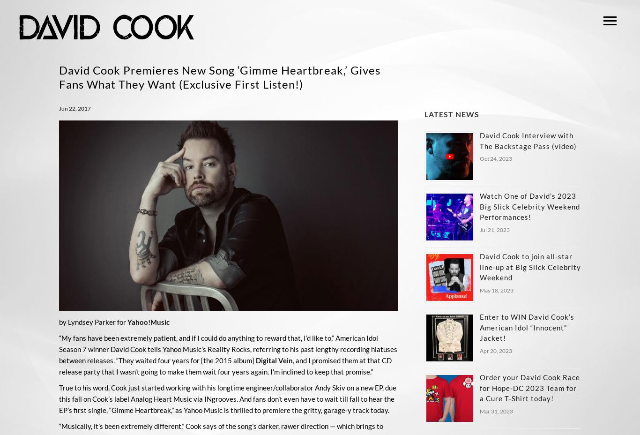  What do you see at coordinates (526, 327) in the screenshot?
I see `'Enter to WIN David Cook’s American Idol “Innocent” Jacket!'` at bounding box center [526, 327].